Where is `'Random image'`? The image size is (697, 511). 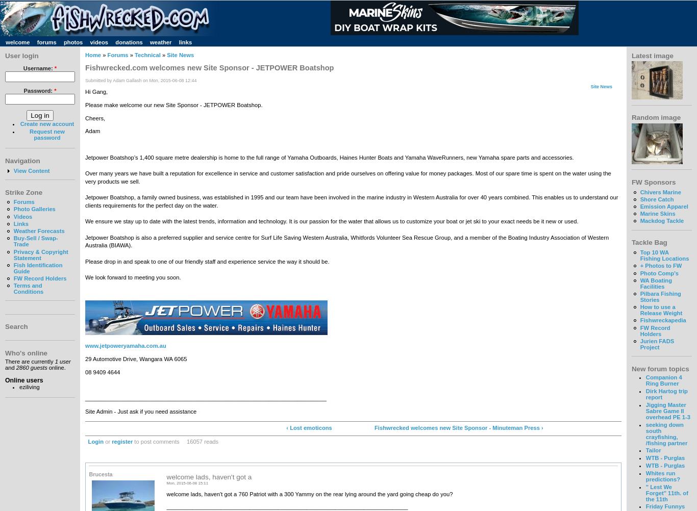 'Random image' is located at coordinates (655, 117).